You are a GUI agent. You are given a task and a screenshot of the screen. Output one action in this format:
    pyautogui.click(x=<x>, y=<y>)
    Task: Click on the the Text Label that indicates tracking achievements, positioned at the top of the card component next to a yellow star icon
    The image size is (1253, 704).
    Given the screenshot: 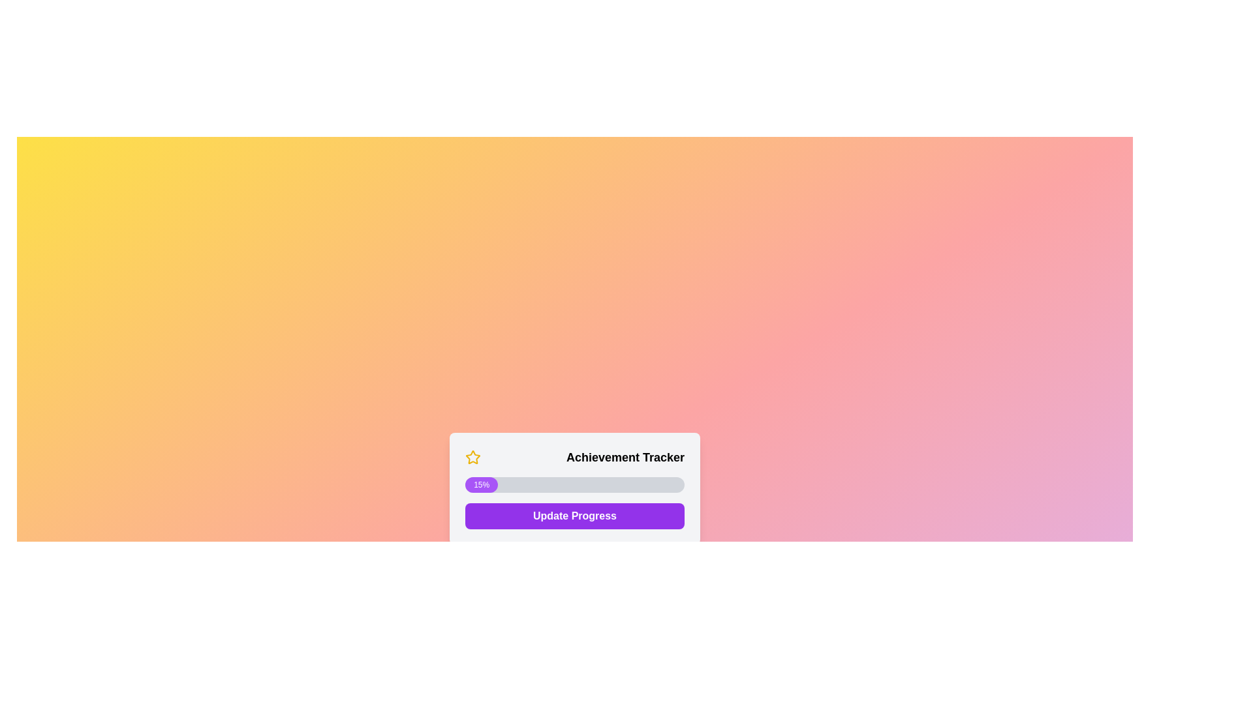 What is the action you would take?
    pyautogui.click(x=574, y=457)
    